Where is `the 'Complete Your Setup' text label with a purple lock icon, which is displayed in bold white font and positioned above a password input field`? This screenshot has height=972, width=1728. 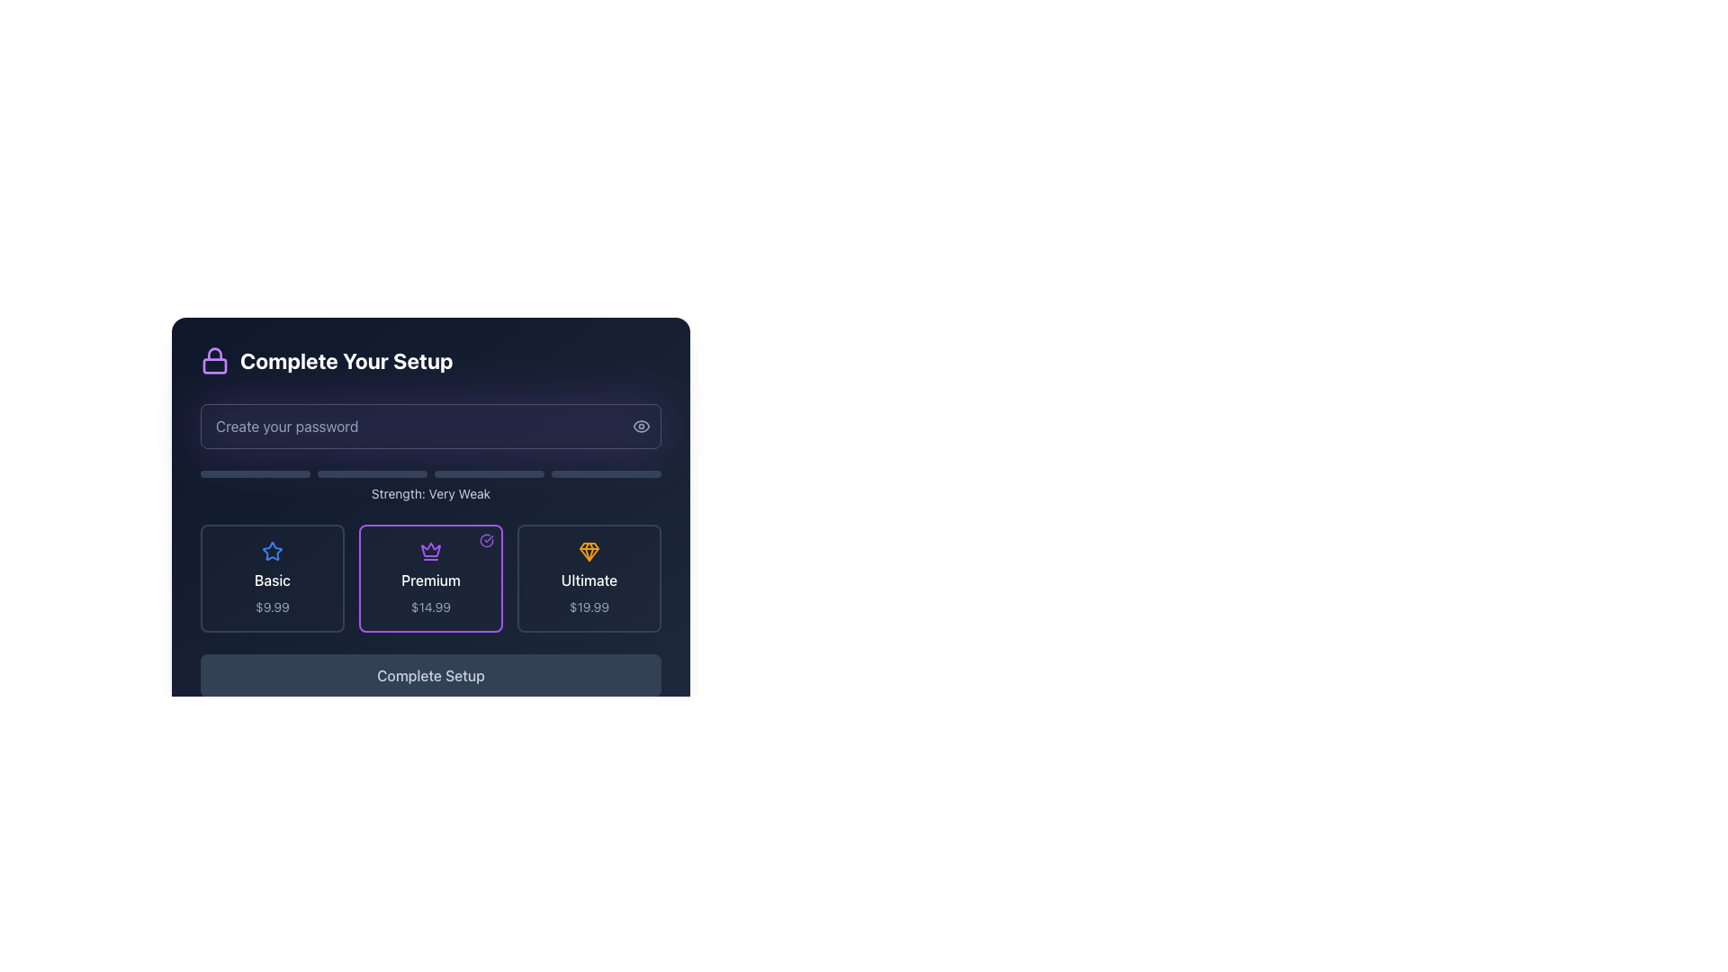
the 'Complete Your Setup' text label with a purple lock icon, which is displayed in bold white font and positioned above a password input field is located at coordinates (430, 361).